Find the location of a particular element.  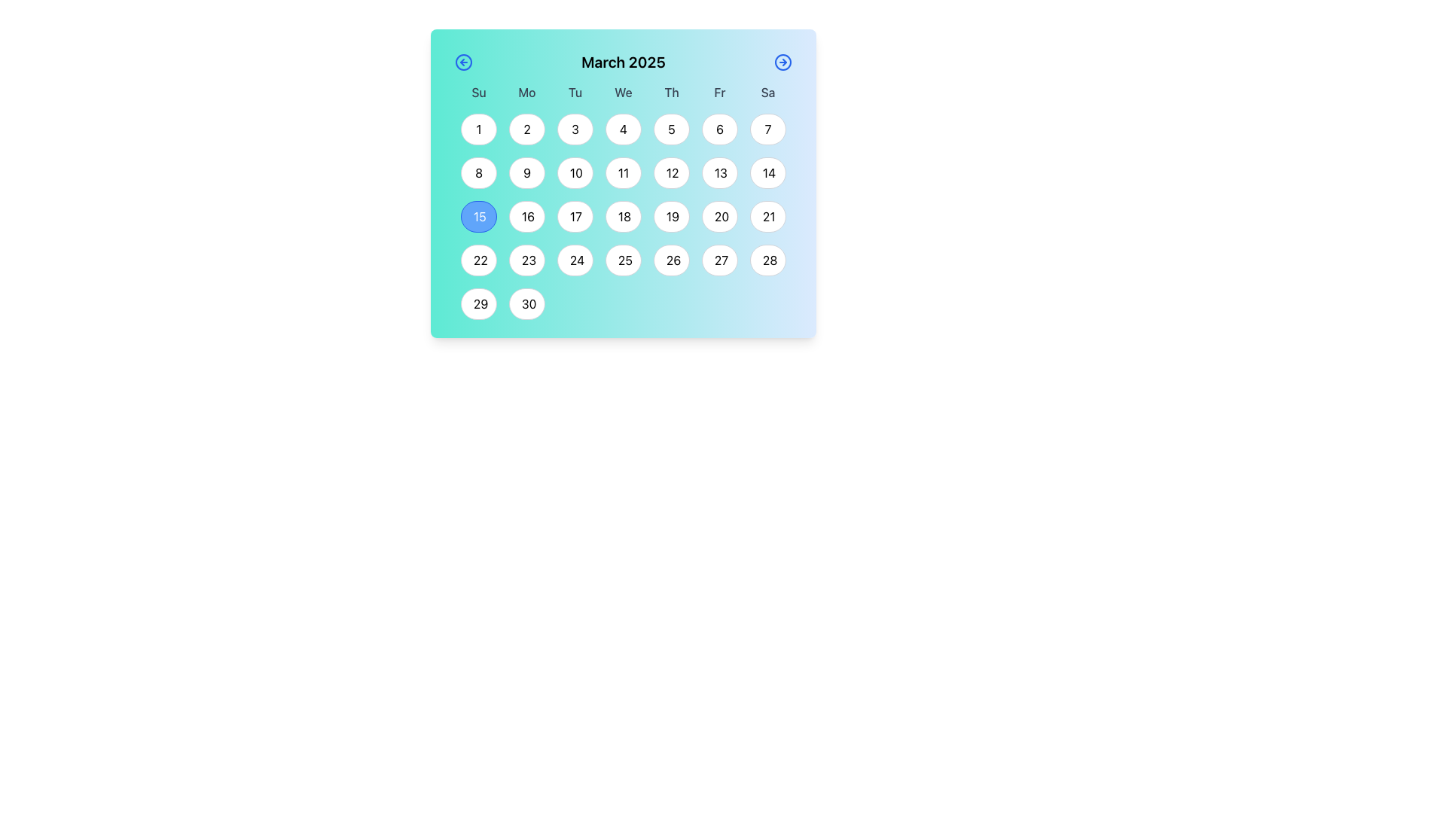

the text label 'Fr' which is the sixth day label in the calendar view, positioned between 'Th' and 'Sa' is located at coordinates (718, 93).